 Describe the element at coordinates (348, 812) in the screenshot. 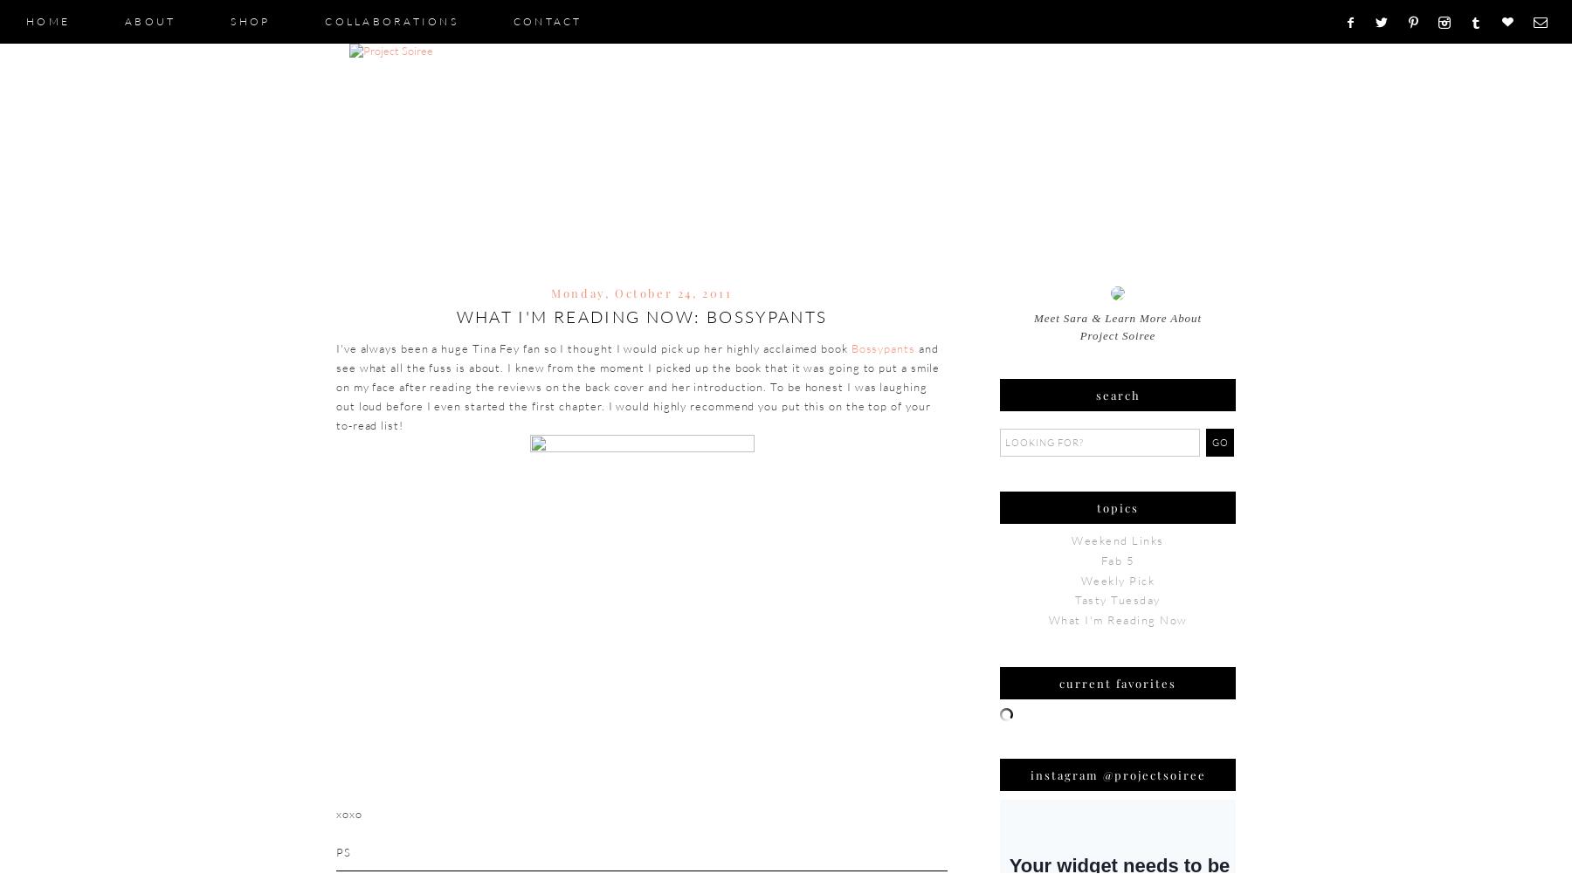

I see `'xoxo'` at that location.